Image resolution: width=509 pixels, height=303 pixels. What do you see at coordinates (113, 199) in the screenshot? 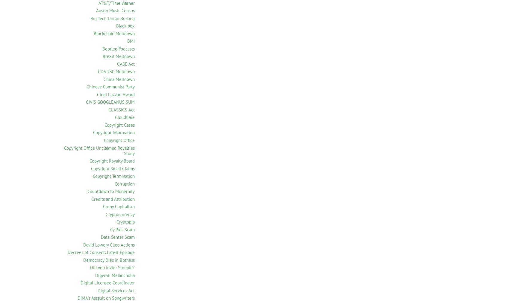
I see `'Credits and Attribution'` at bounding box center [113, 199].